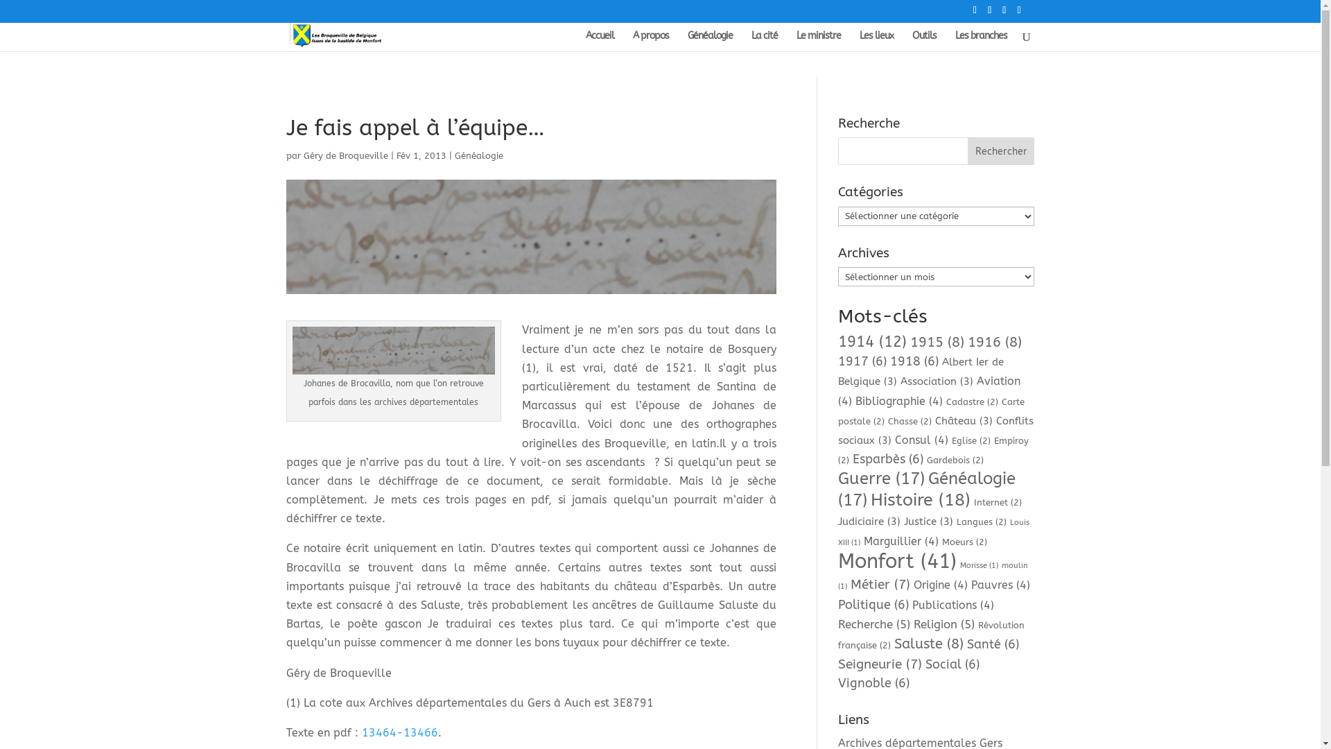  Describe the element at coordinates (868, 522) in the screenshot. I see `'Judiciaire (3)'` at that location.